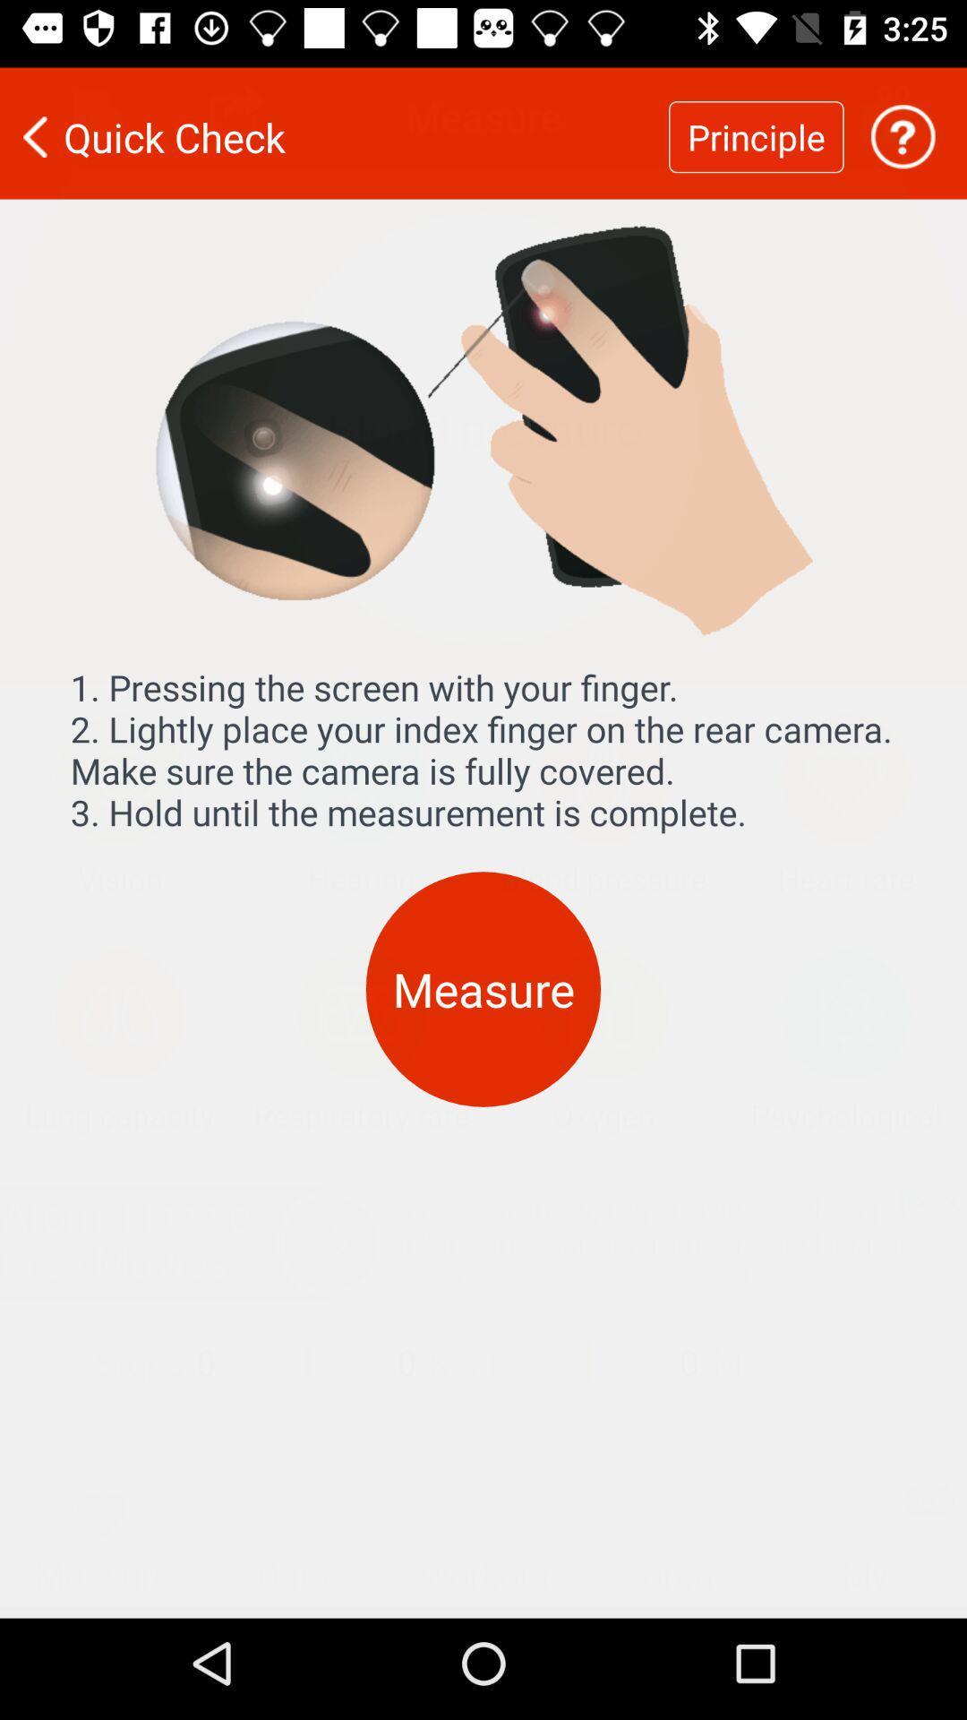 The image size is (967, 1720). What do you see at coordinates (756, 125) in the screenshot?
I see `the item to the right of the quick check` at bounding box center [756, 125].